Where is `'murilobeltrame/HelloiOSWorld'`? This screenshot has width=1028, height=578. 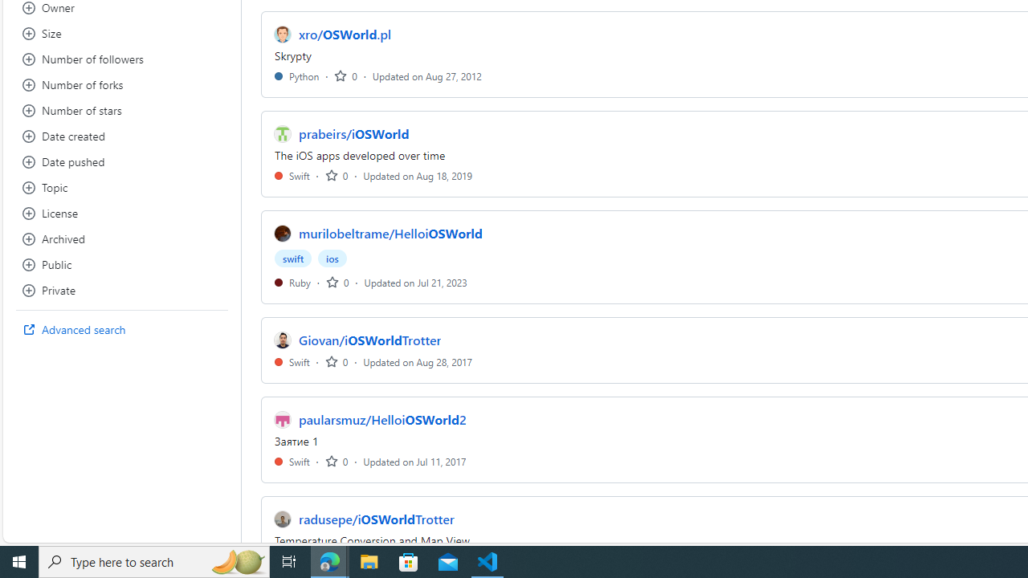 'murilobeltrame/HelloiOSWorld' is located at coordinates (391, 234).